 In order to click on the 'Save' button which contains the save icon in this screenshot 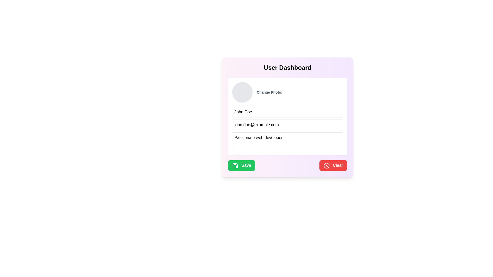, I will do `click(235, 165)`.